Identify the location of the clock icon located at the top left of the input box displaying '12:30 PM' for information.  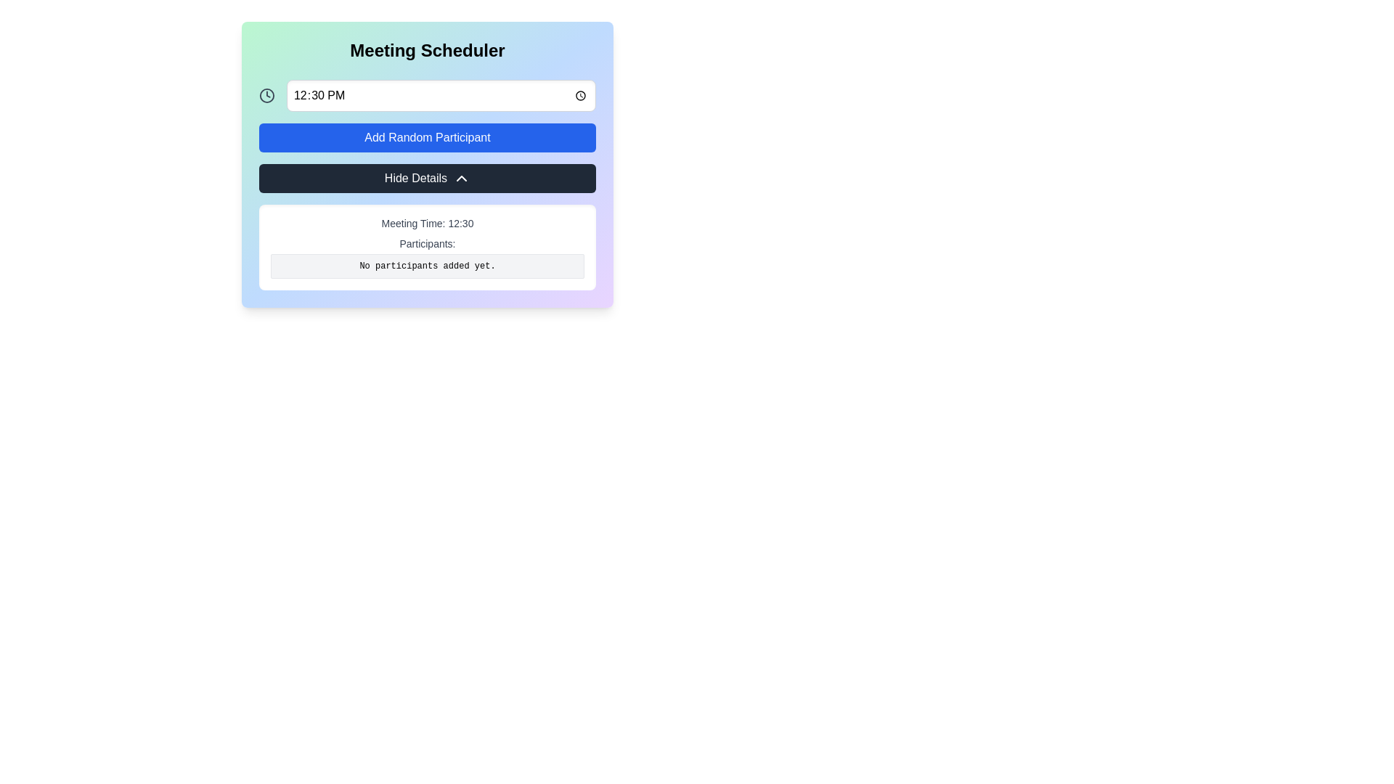
(267, 95).